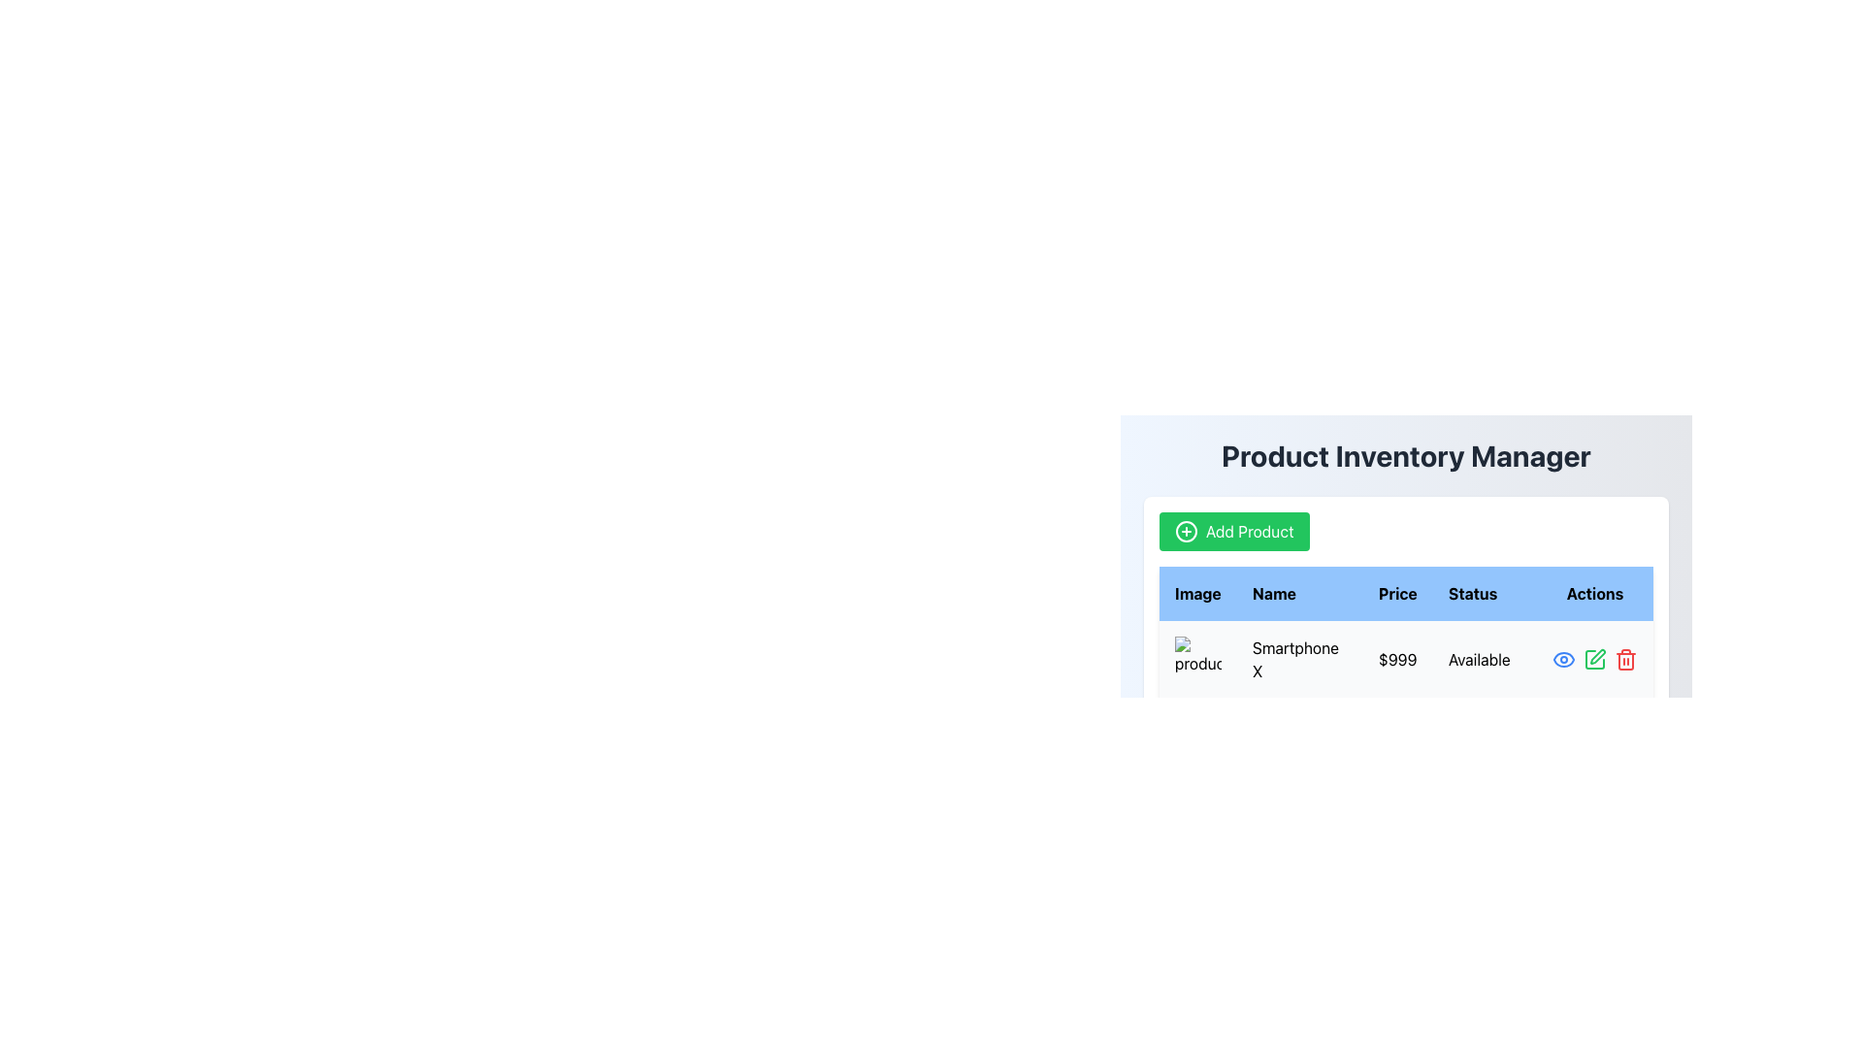  I want to click on the 'Status' table header, which displays bold black text on a light blue background and is centrally aligned within its containing box, so click(1484, 593).